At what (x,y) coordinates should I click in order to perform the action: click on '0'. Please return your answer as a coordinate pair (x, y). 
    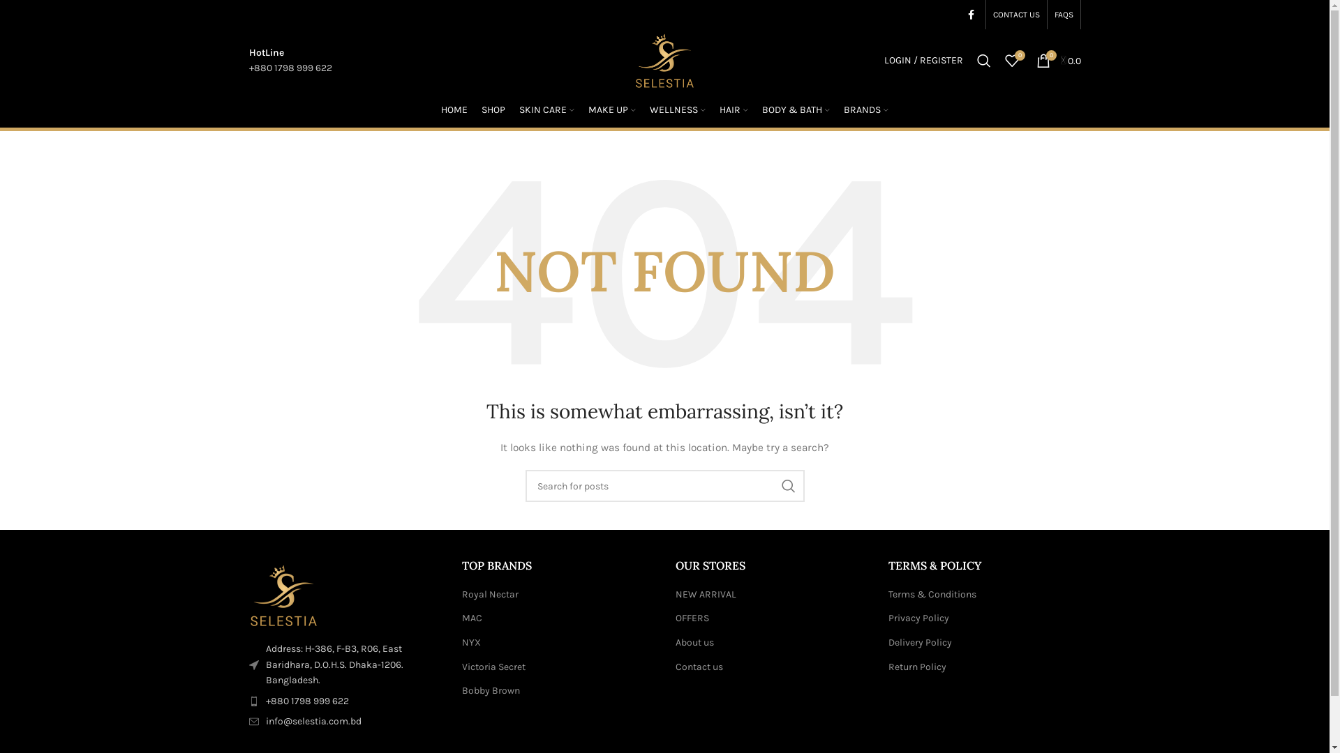
    Looking at the image, I should click on (1011, 60).